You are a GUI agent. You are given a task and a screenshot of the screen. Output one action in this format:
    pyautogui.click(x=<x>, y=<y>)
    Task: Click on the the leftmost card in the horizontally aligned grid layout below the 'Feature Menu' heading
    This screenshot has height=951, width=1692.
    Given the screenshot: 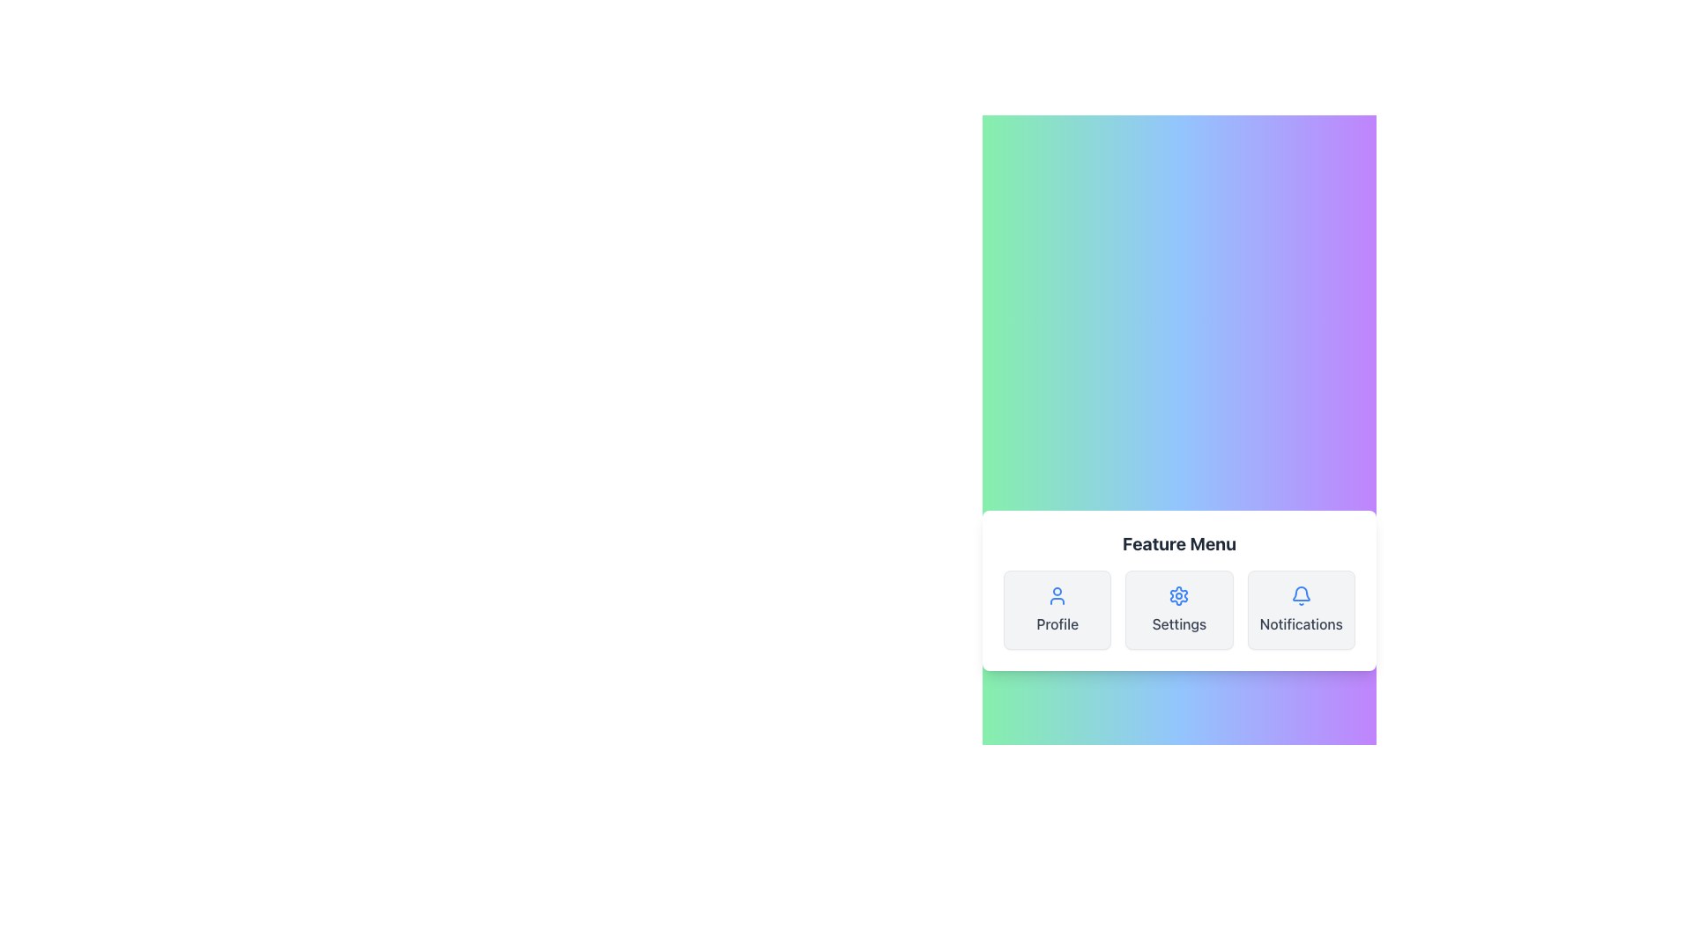 What is the action you would take?
    pyautogui.click(x=1057, y=609)
    